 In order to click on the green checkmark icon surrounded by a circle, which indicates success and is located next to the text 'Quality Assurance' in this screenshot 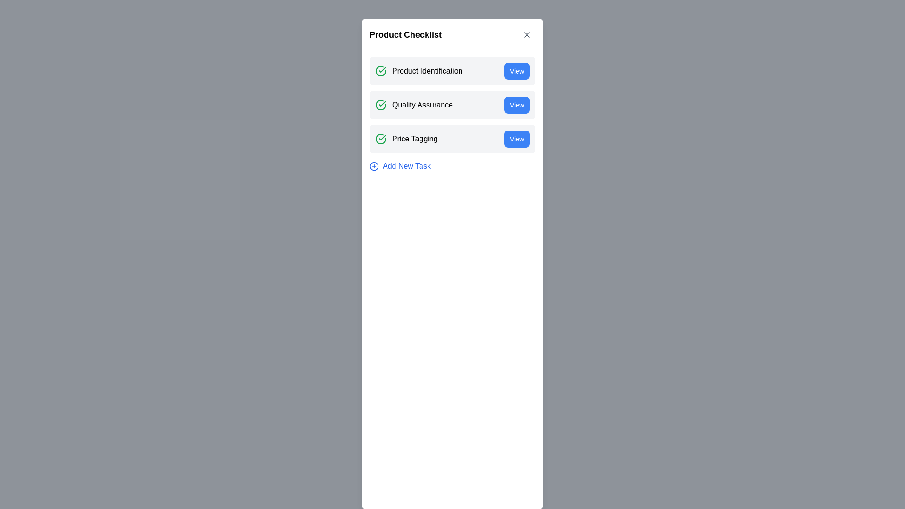, I will do `click(380, 105)`.